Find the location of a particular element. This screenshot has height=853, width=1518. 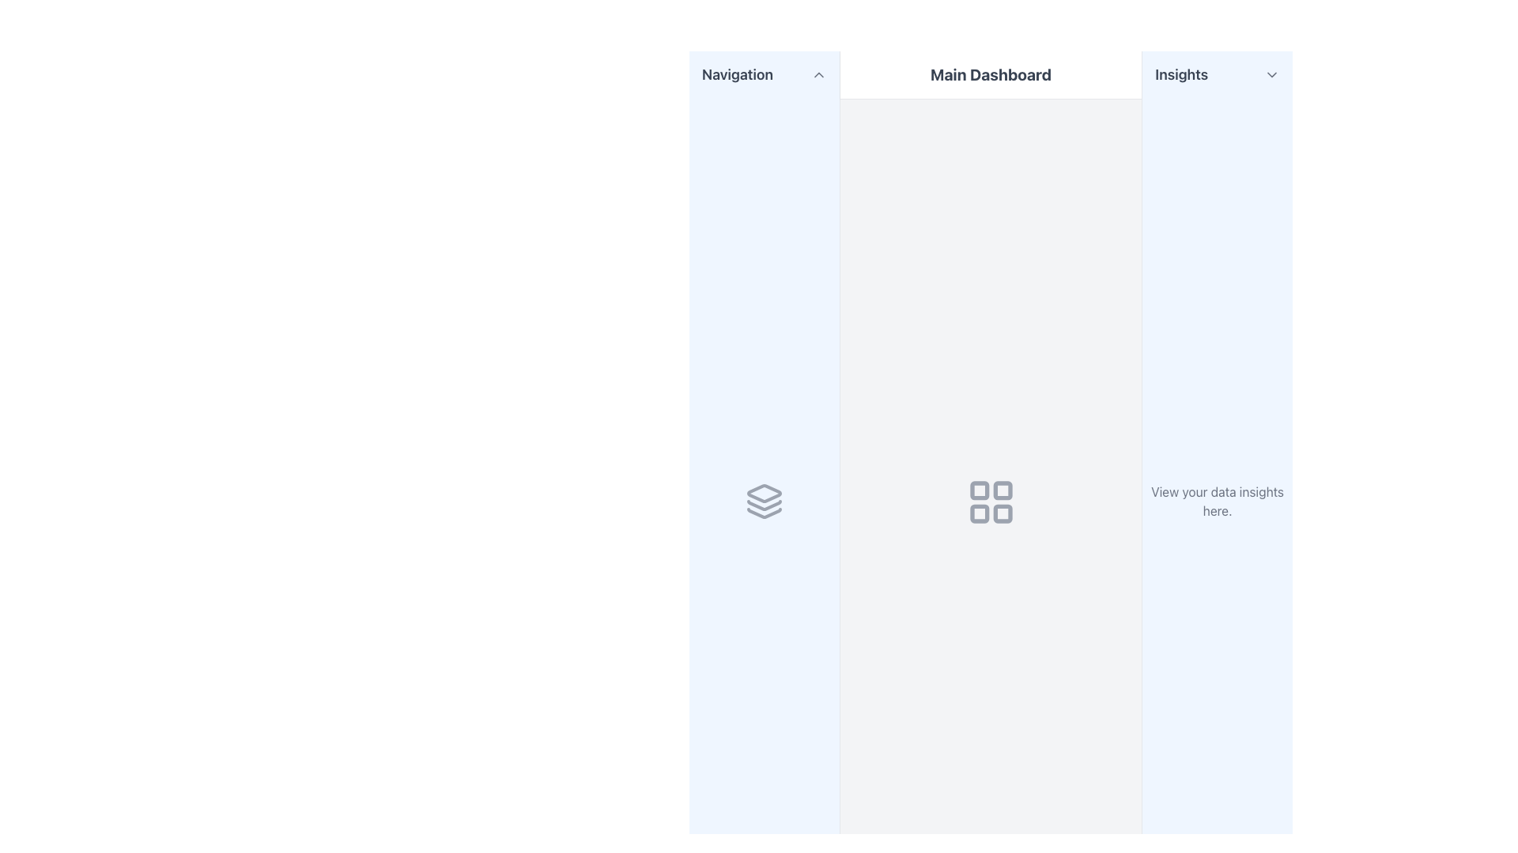

text content of the header element displaying 'Main Dashboard', located at the top center of the interface is located at coordinates (990, 75).